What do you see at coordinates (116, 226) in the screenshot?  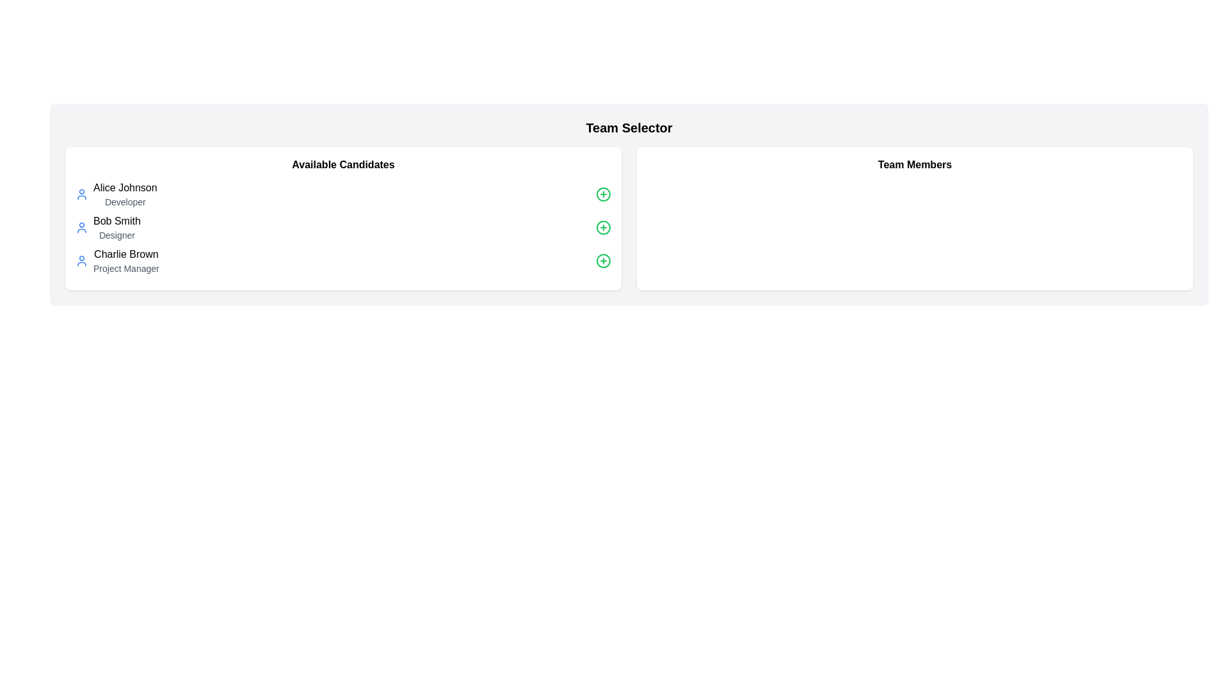 I see `the Text Display representing Bob Smith, the Designer, located in the 'Available Candidates' section as the second entry` at bounding box center [116, 226].